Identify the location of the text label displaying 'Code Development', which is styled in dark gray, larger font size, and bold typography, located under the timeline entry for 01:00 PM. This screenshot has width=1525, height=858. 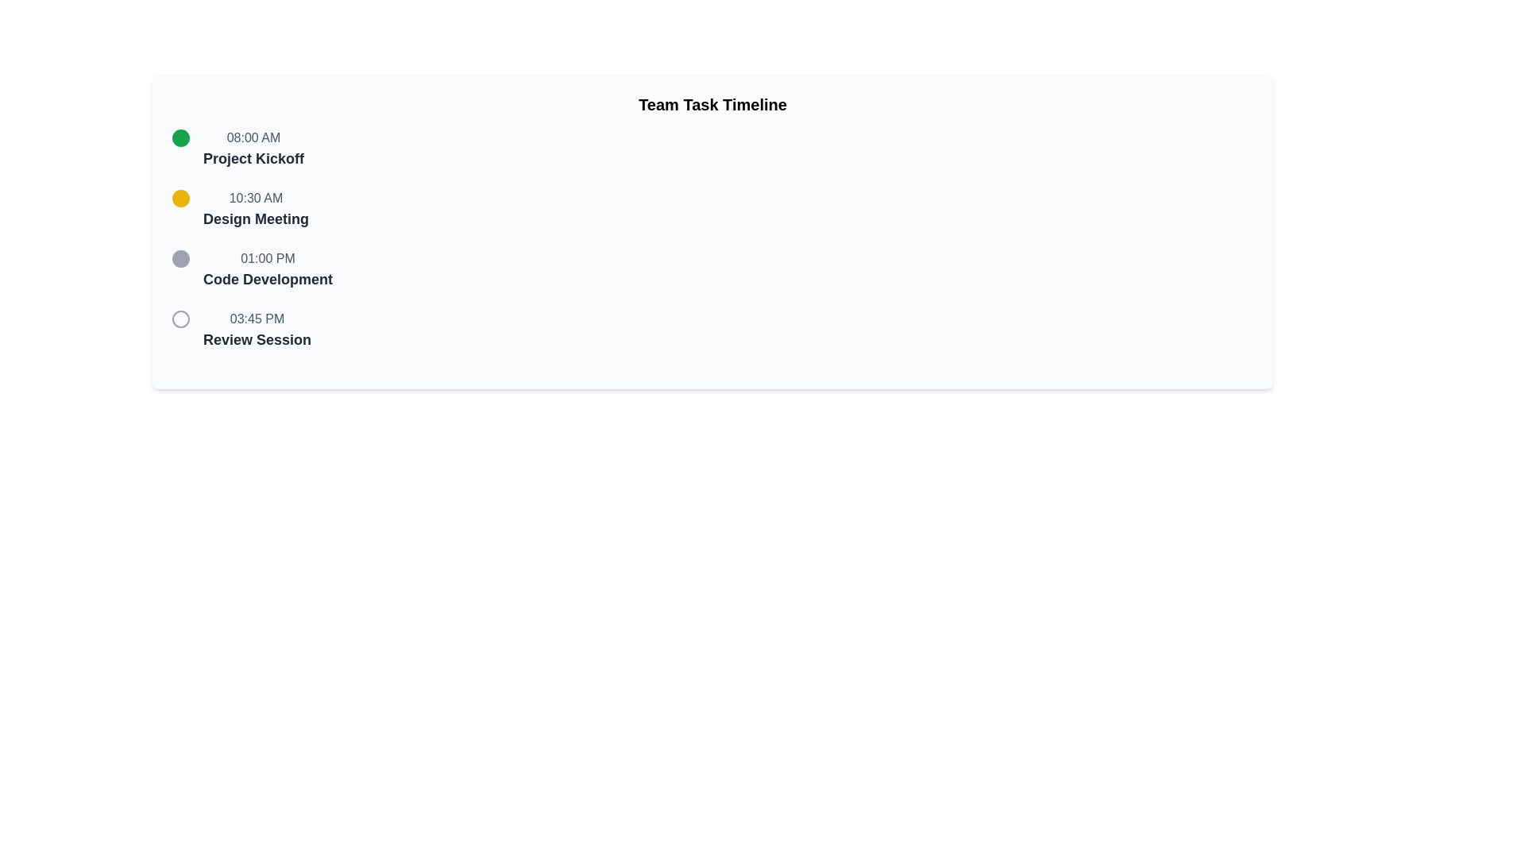
(268, 278).